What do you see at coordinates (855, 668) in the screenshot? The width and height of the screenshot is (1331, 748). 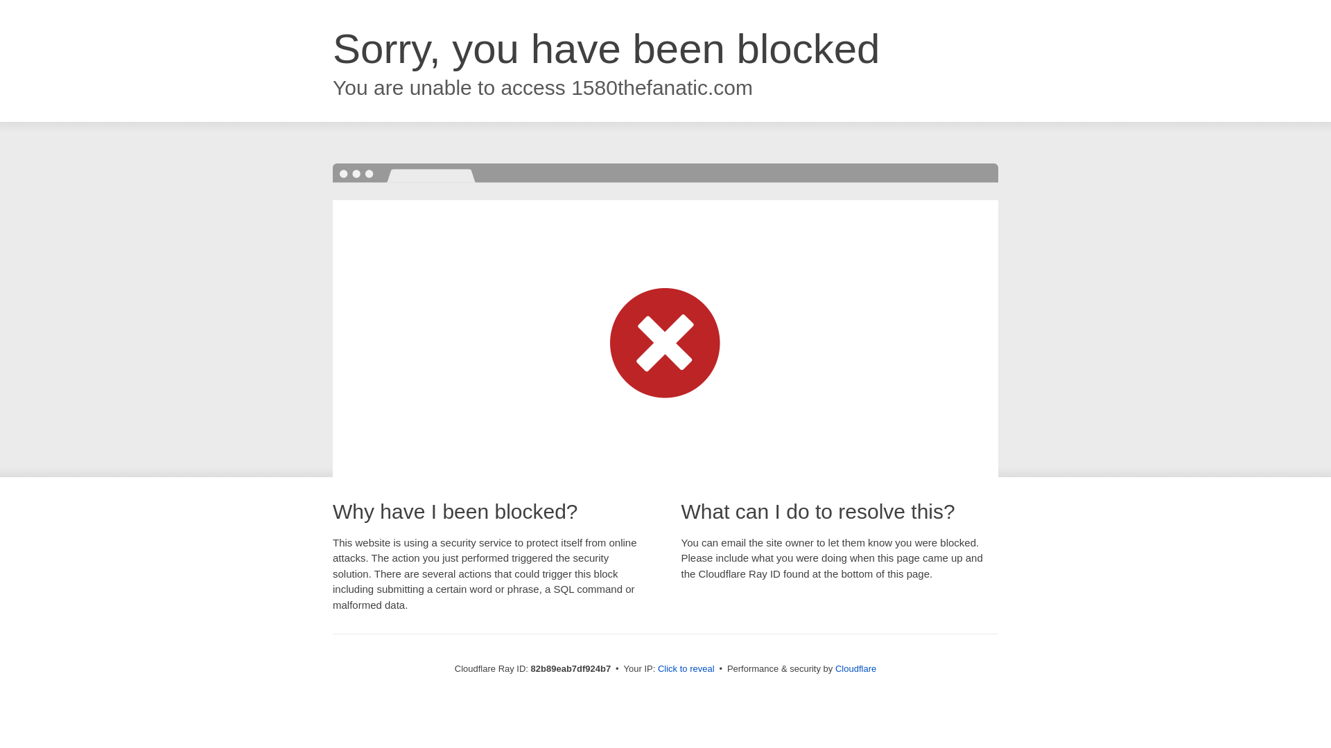 I see `'Cloudflare'` at bounding box center [855, 668].